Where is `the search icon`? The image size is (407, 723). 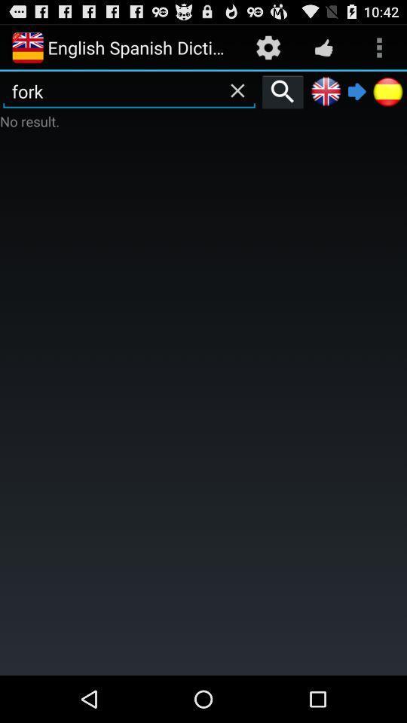 the search icon is located at coordinates (283, 97).